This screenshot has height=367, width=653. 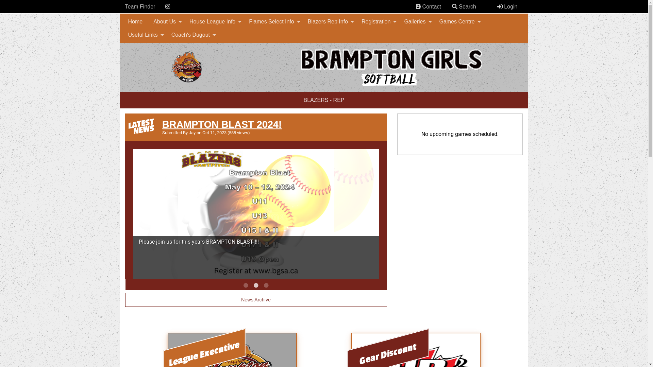 I want to click on 'Coach's Dugout', so click(x=191, y=35).